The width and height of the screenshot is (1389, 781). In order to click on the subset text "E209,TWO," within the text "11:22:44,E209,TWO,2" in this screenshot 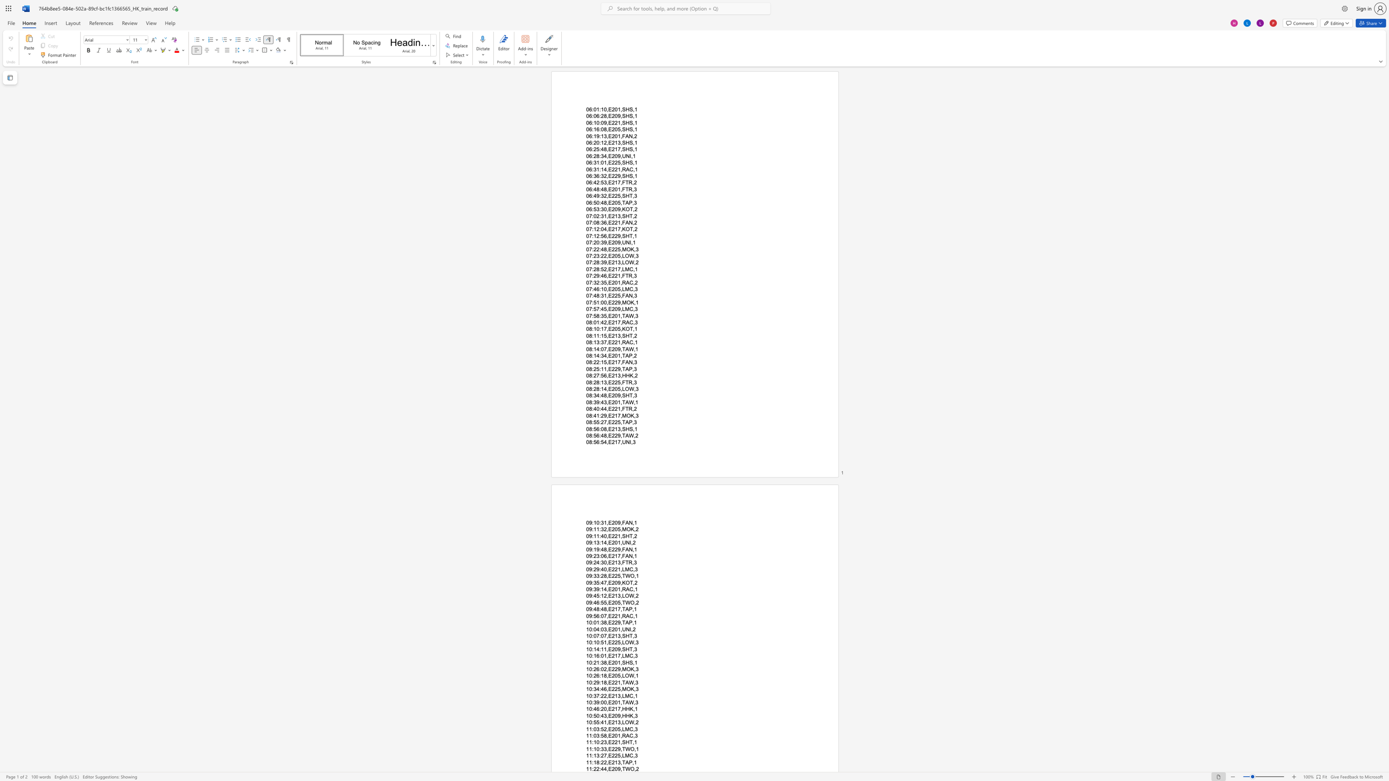, I will do `click(608, 769)`.